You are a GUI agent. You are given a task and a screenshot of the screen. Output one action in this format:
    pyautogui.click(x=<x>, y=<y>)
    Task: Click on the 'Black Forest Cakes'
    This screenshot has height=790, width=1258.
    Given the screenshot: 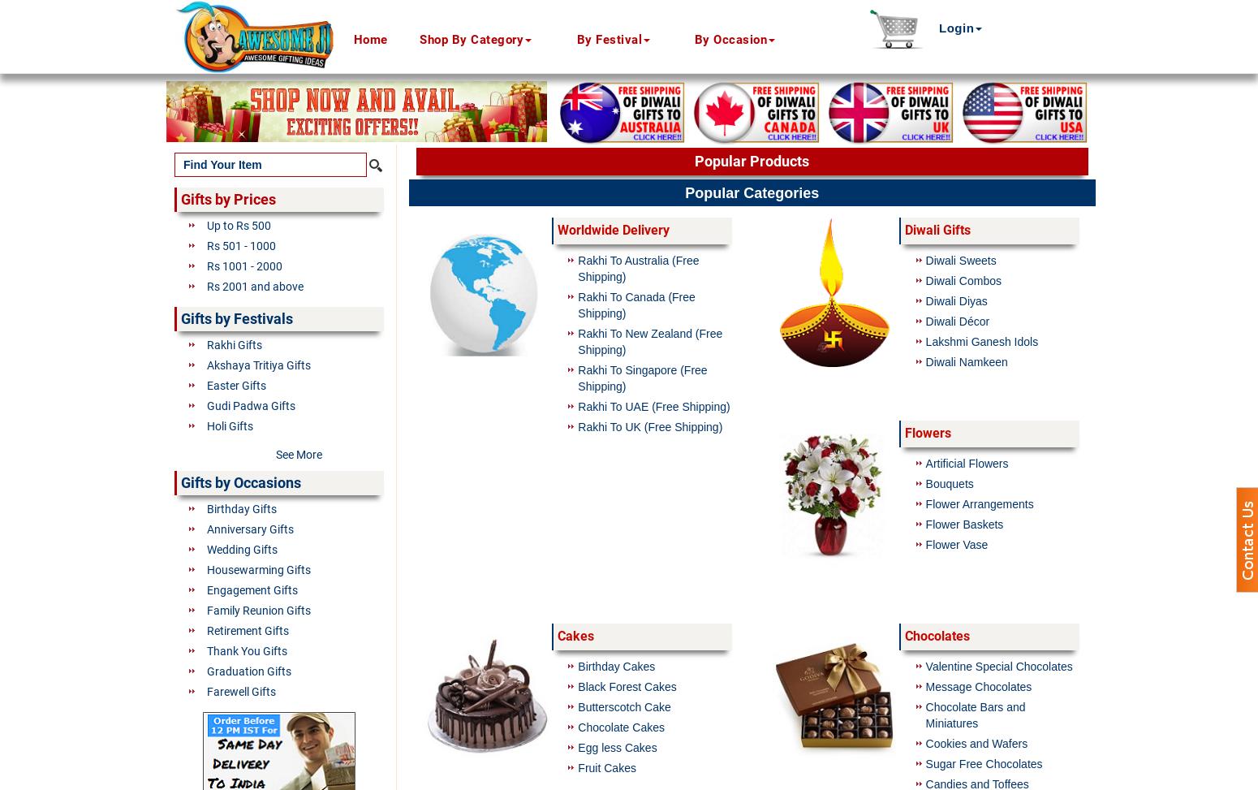 What is the action you would take?
    pyautogui.click(x=627, y=687)
    